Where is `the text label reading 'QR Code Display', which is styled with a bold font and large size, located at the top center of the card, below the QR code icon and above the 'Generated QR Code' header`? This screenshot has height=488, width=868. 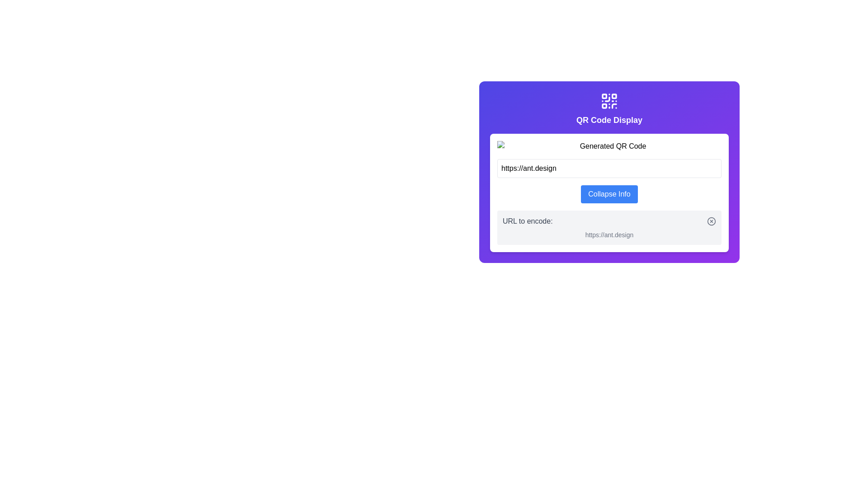 the text label reading 'QR Code Display', which is styled with a bold font and large size, located at the top center of the card, below the QR code icon and above the 'Generated QR Code' header is located at coordinates (609, 120).